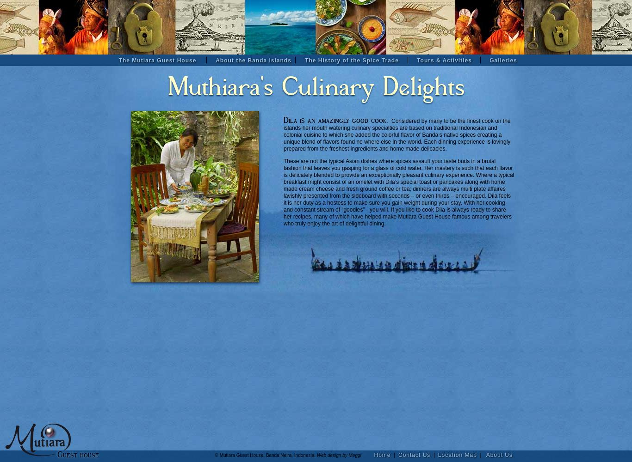 Image resolution: width=632 pixels, height=462 pixels. Describe the element at coordinates (444, 61) in the screenshot. I see `'Tours & Activities'` at that location.